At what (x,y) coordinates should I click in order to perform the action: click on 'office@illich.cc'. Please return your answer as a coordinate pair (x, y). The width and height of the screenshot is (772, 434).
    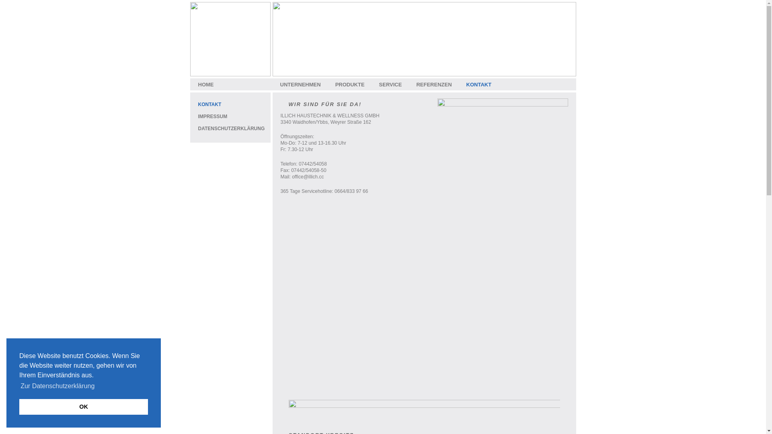
    Looking at the image, I should click on (307, 176).